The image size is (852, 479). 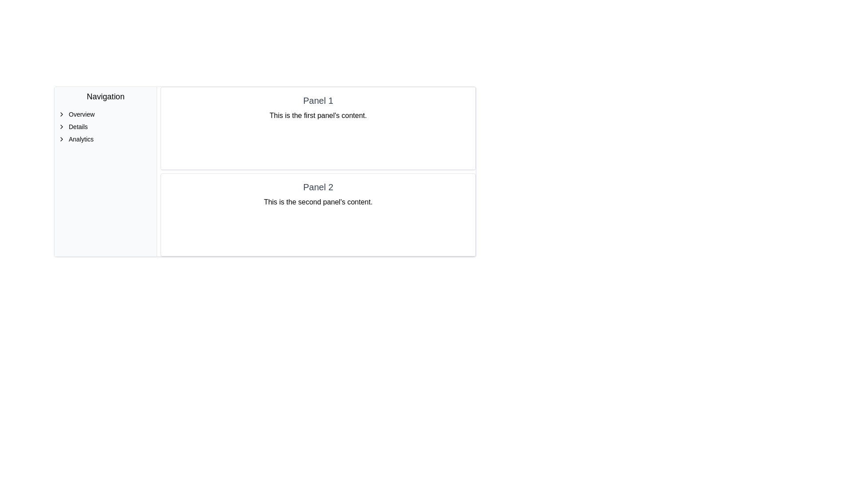 What do you see at coordinates (106, 139) in the screenshot?
I see `the 'Analytics' navigational button located in the left navigation panel` at bounding box center [106, 139].